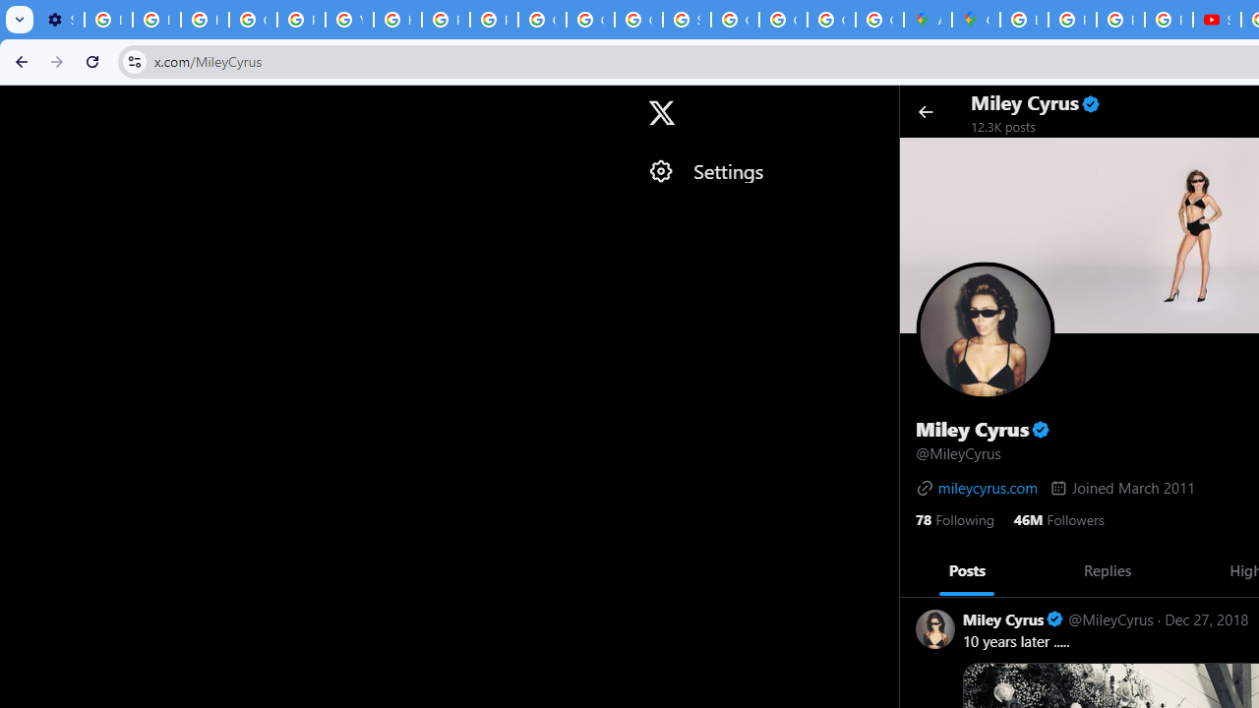 Image resolution: width=1259 pixels, height=708 pixels. Describe the element at coordinates (445, 20) in the screenshot. I see `'Privacy Help Center - Policies Help'` at that location.